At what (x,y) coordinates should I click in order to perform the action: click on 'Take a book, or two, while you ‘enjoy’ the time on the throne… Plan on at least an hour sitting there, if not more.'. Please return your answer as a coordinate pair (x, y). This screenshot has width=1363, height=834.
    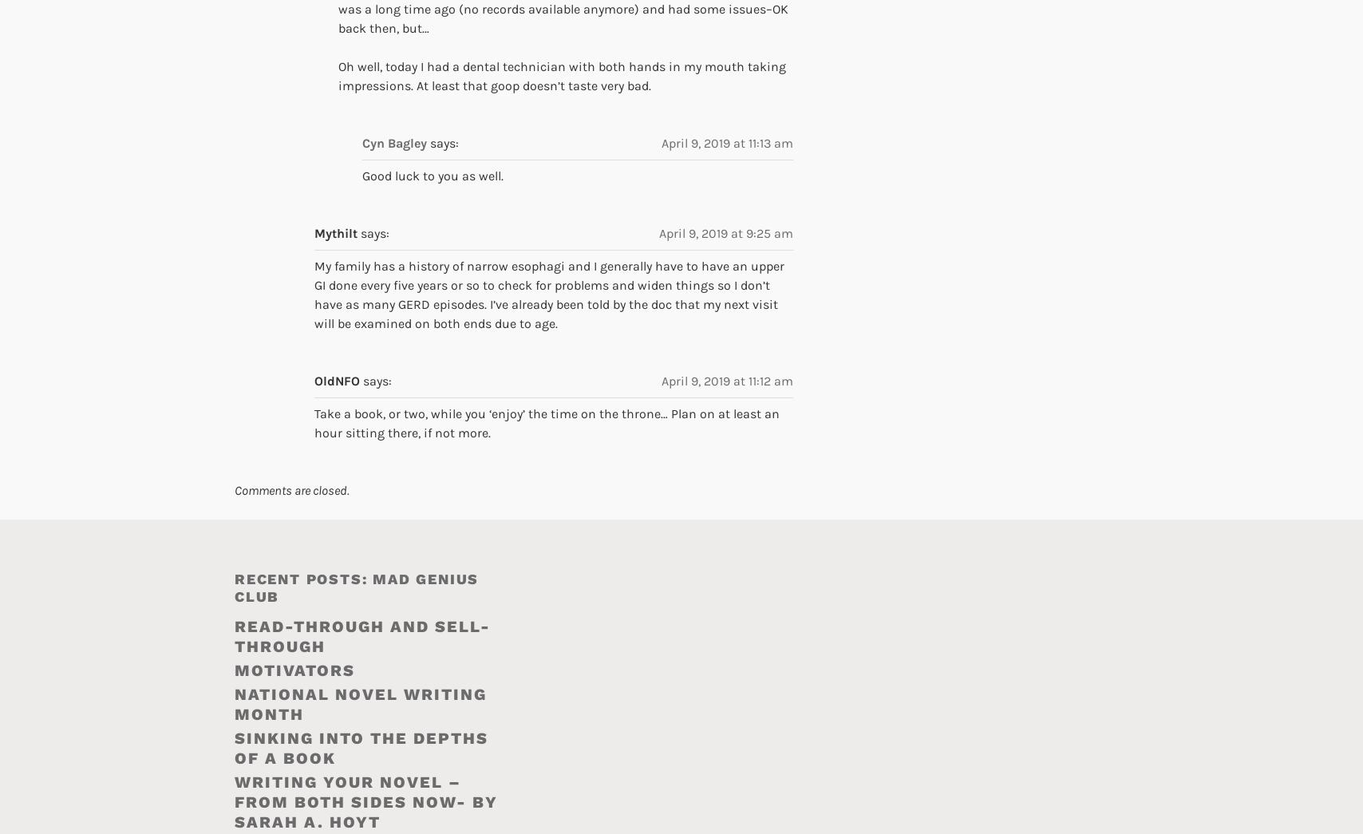
    Looking at the image, I should click on (547, 422).